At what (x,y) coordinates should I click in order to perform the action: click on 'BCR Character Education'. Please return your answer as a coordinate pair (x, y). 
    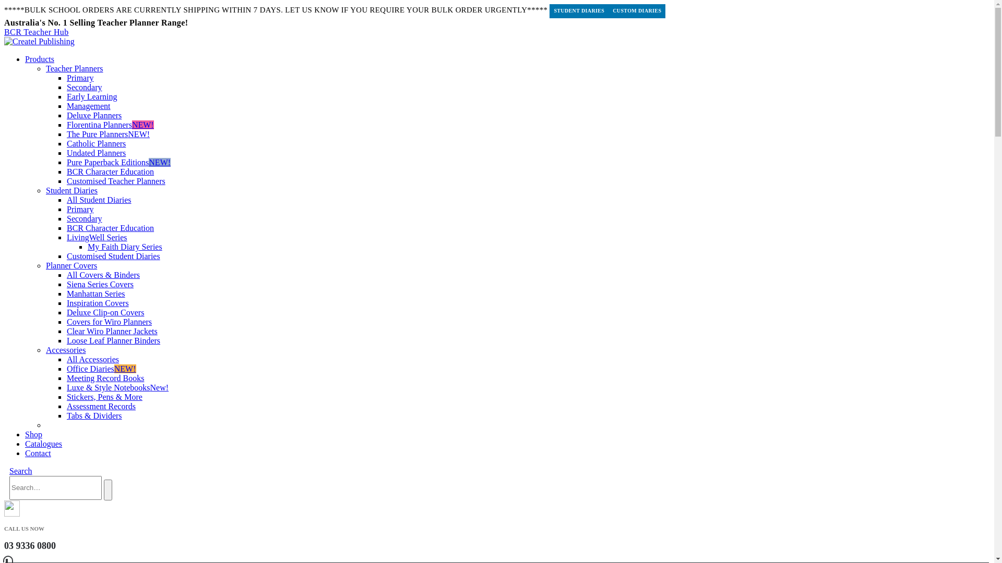
    Looking at the image, I should click on (110, 227).